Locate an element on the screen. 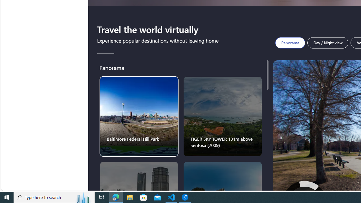 The height and width of the screenshot is (203, 361). 'Panorama' is located at coordinates (290, 42).